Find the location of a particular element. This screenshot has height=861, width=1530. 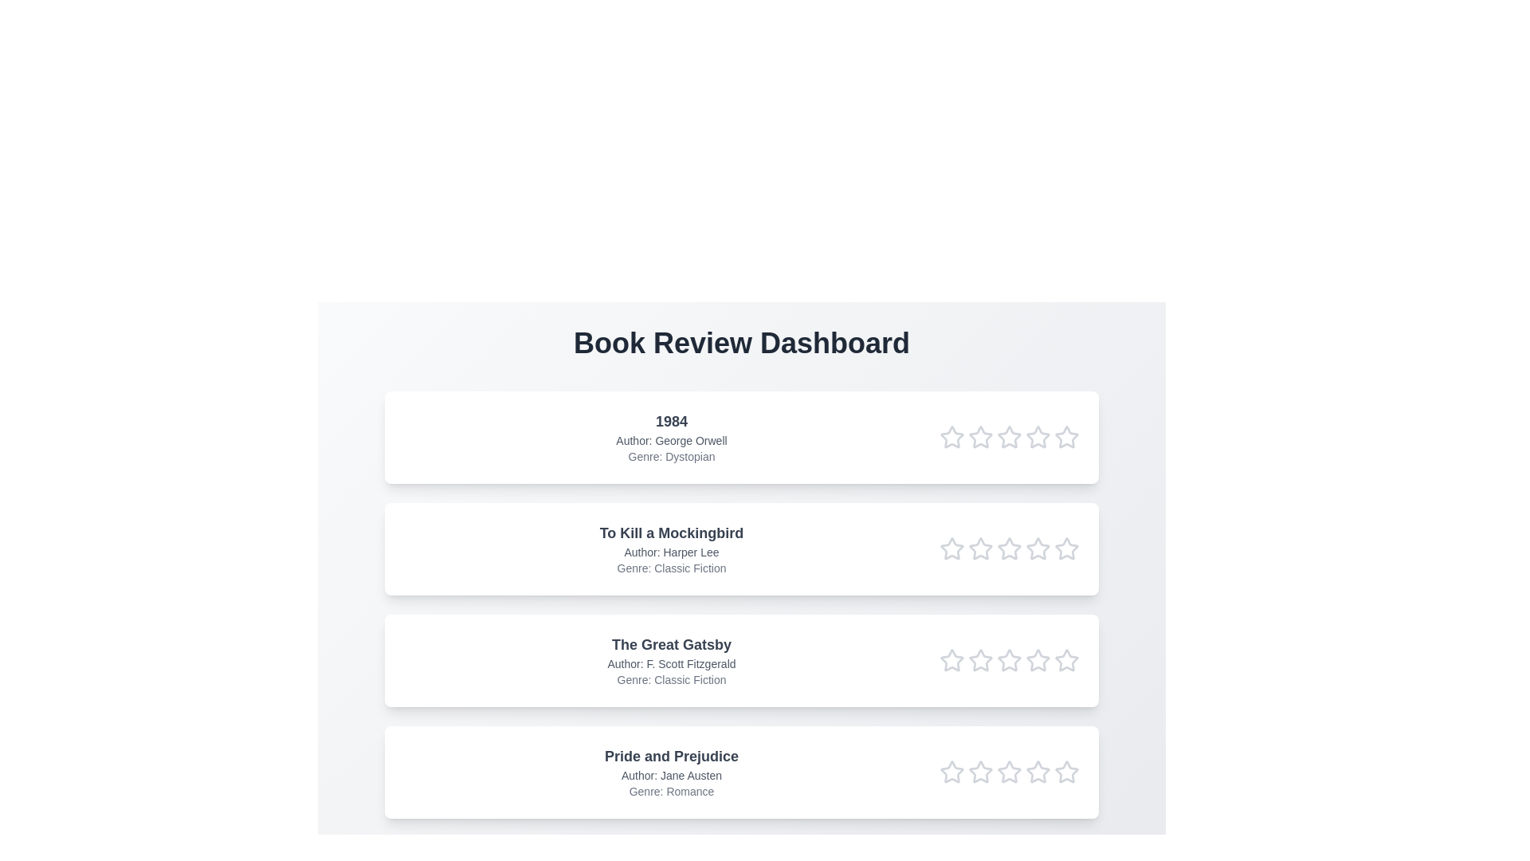

the star corresponding to 5 in the rating row of the book titled 1984 is located at coordinates (1067, 437).